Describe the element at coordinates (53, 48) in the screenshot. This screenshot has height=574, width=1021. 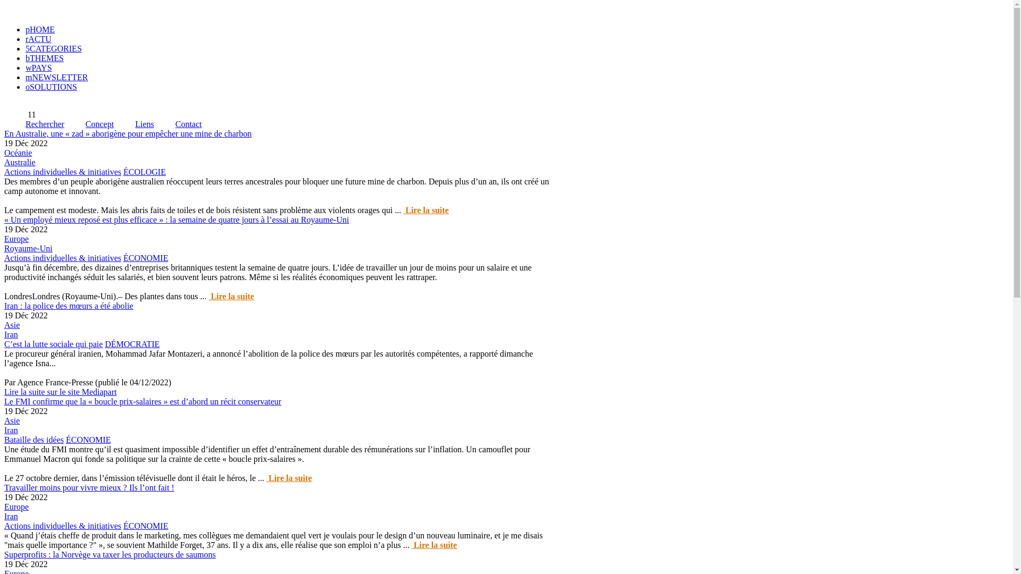
I see `'5CATEGORIES'` at that location.